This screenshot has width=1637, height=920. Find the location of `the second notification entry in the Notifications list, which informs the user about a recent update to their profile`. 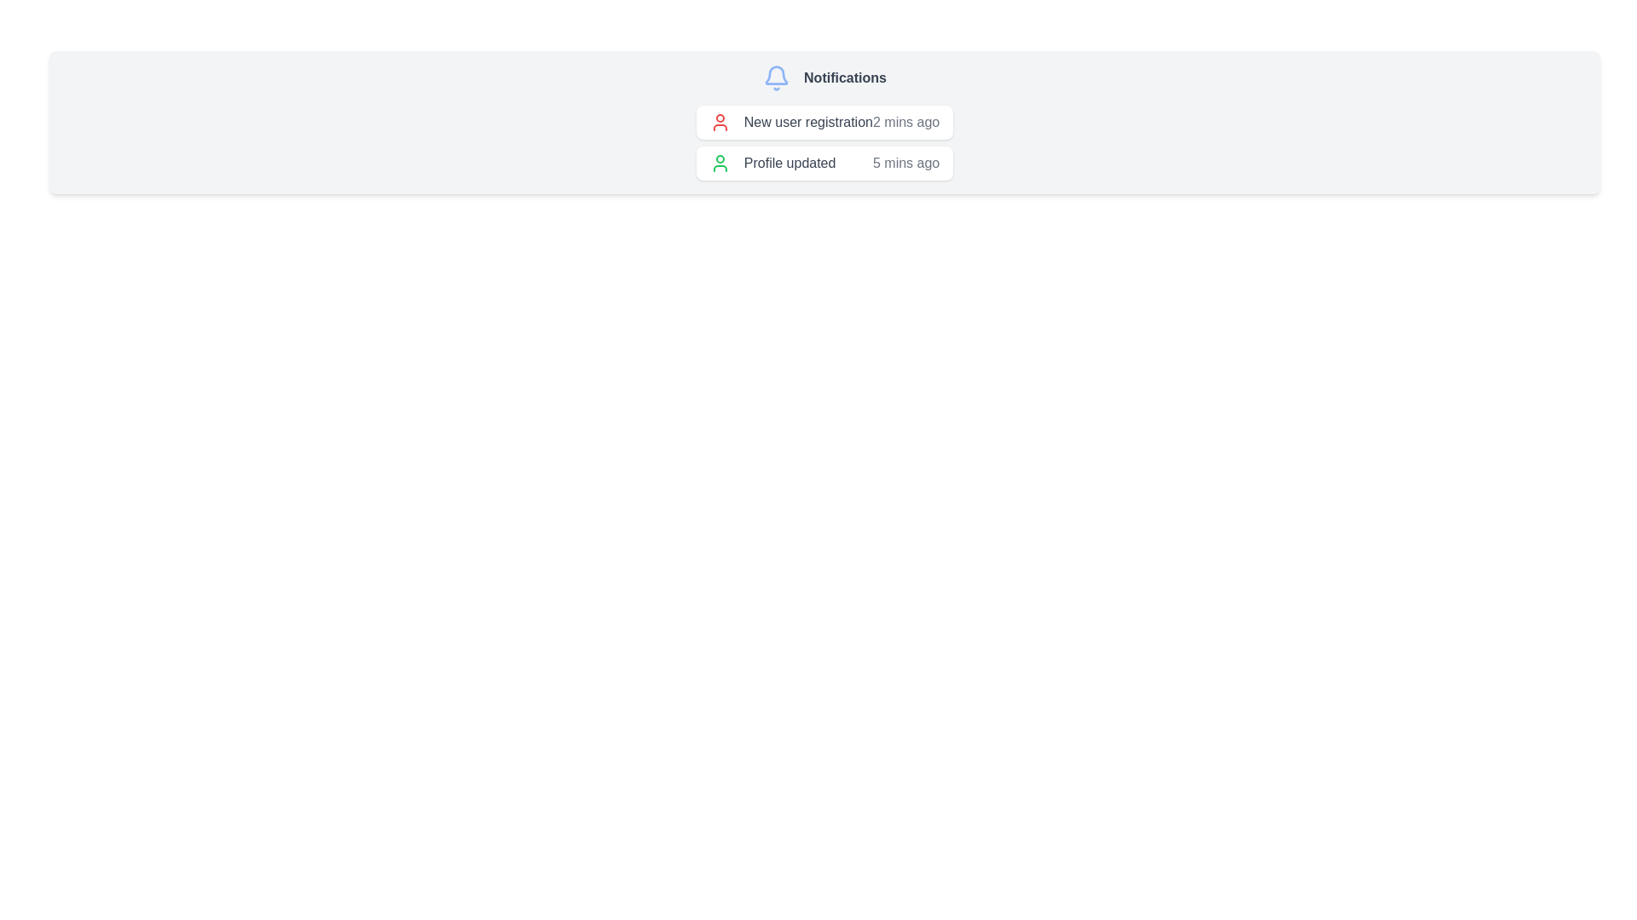

the second notification entry in the Notifications list, which informs the user about a recent update to their profile is located at coordinates (824, 164).